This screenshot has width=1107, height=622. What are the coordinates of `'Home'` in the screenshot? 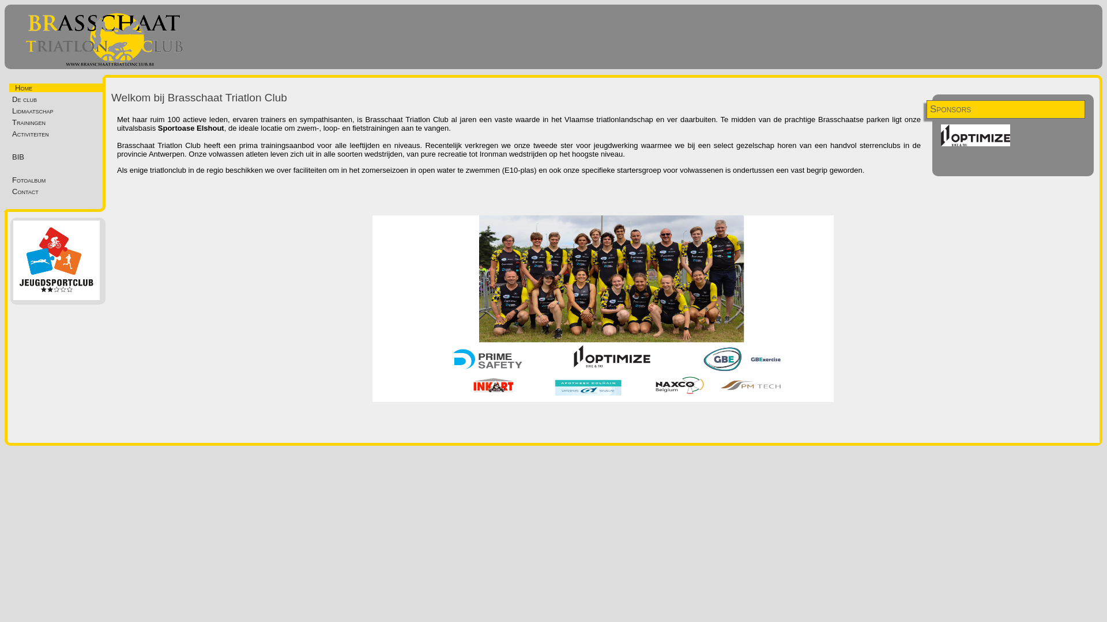 It's located at (22, 87).